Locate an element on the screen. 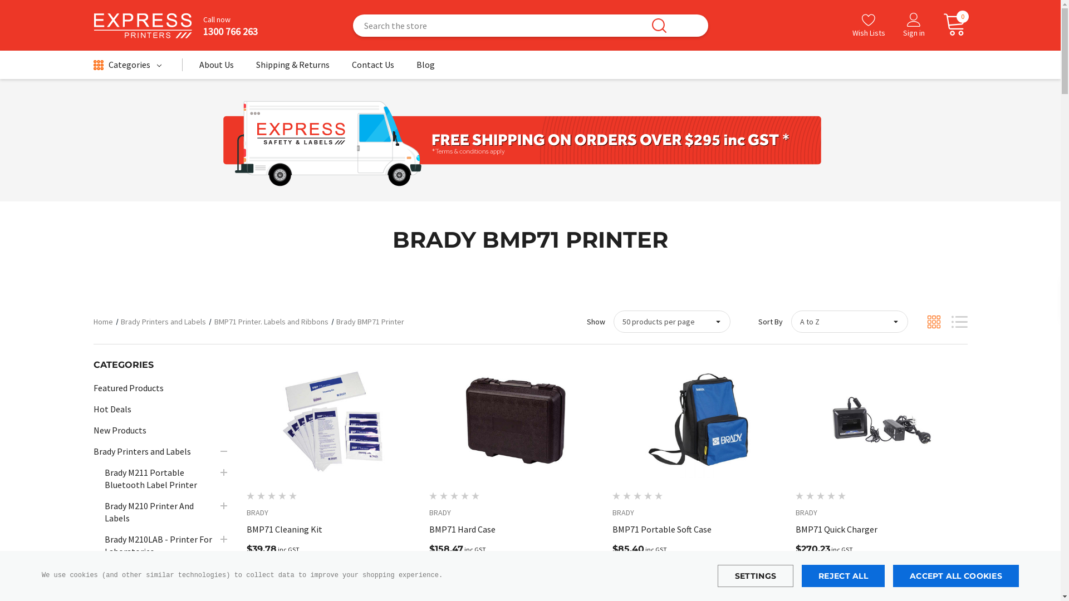  'List View' is located at coordinates (958, 322).